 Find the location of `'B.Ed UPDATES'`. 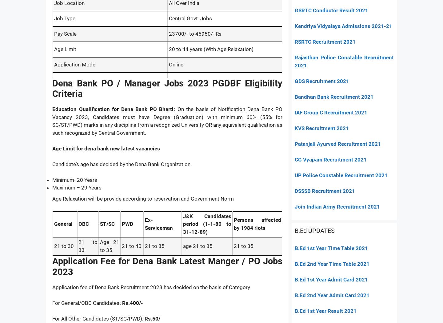

'B.Ed UPDATES' is located at coordinates (314, 231).